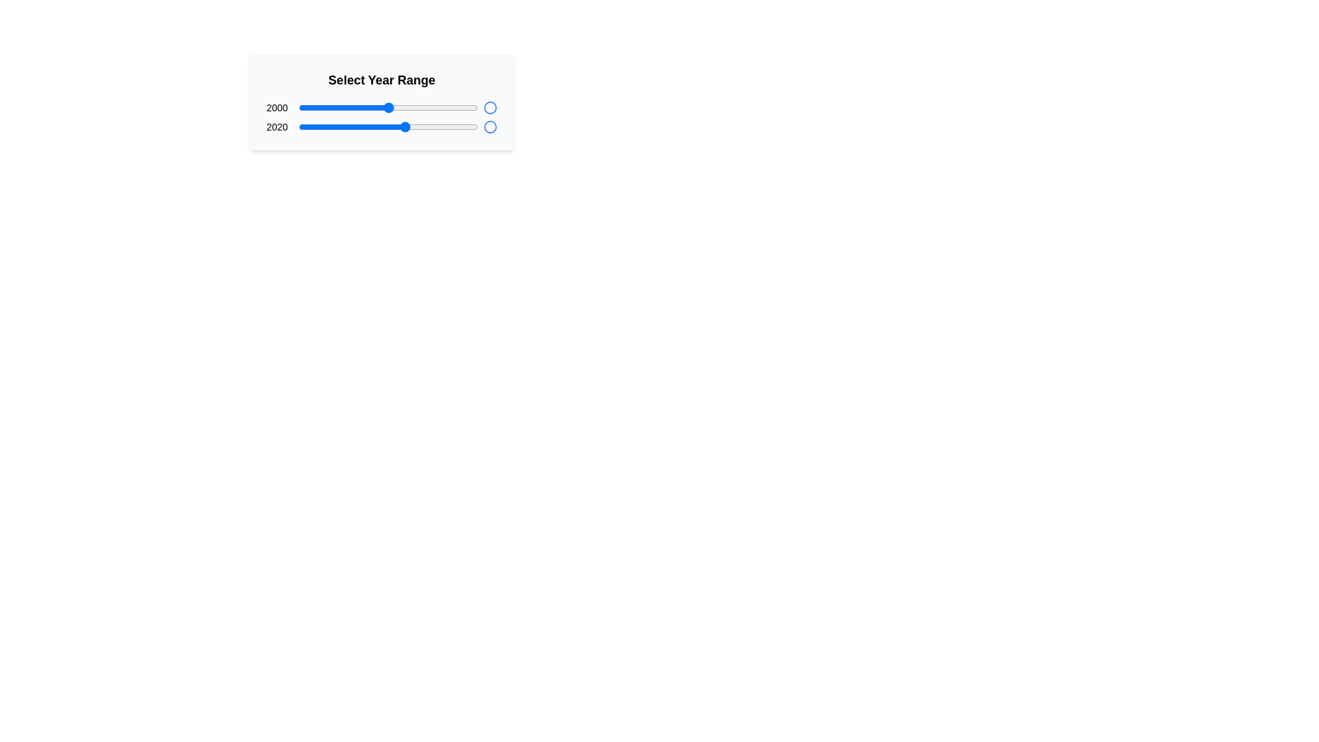 This screenshot has height=742, width=1319. I want to click on the second range slider located below the first slider and adjacent to the label '2020' to set the slider value, so click(387, 127).